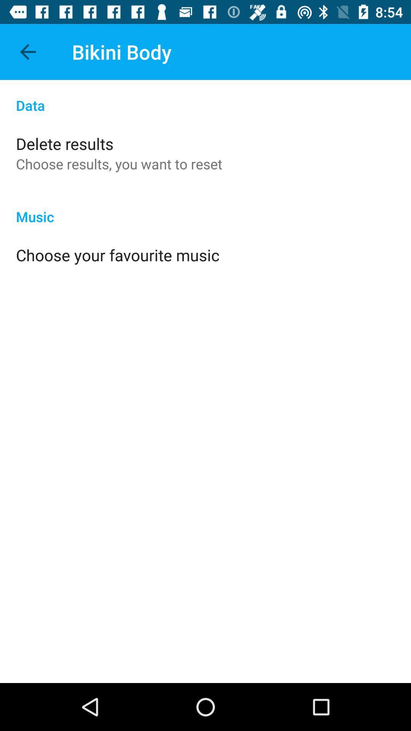  Describe the element at coordinates (27, 51) in the screenshot. I see `the app next to bikini body item` at that location.